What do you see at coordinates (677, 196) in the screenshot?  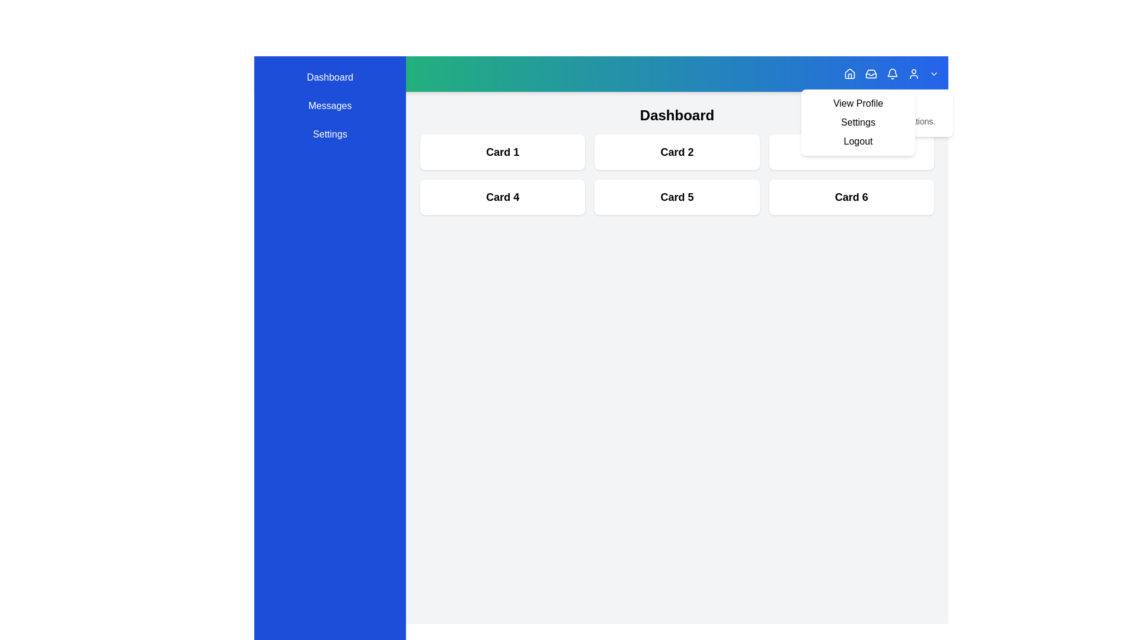 I see `the fifth card in the grid layout` at bounding box center [677, 196].